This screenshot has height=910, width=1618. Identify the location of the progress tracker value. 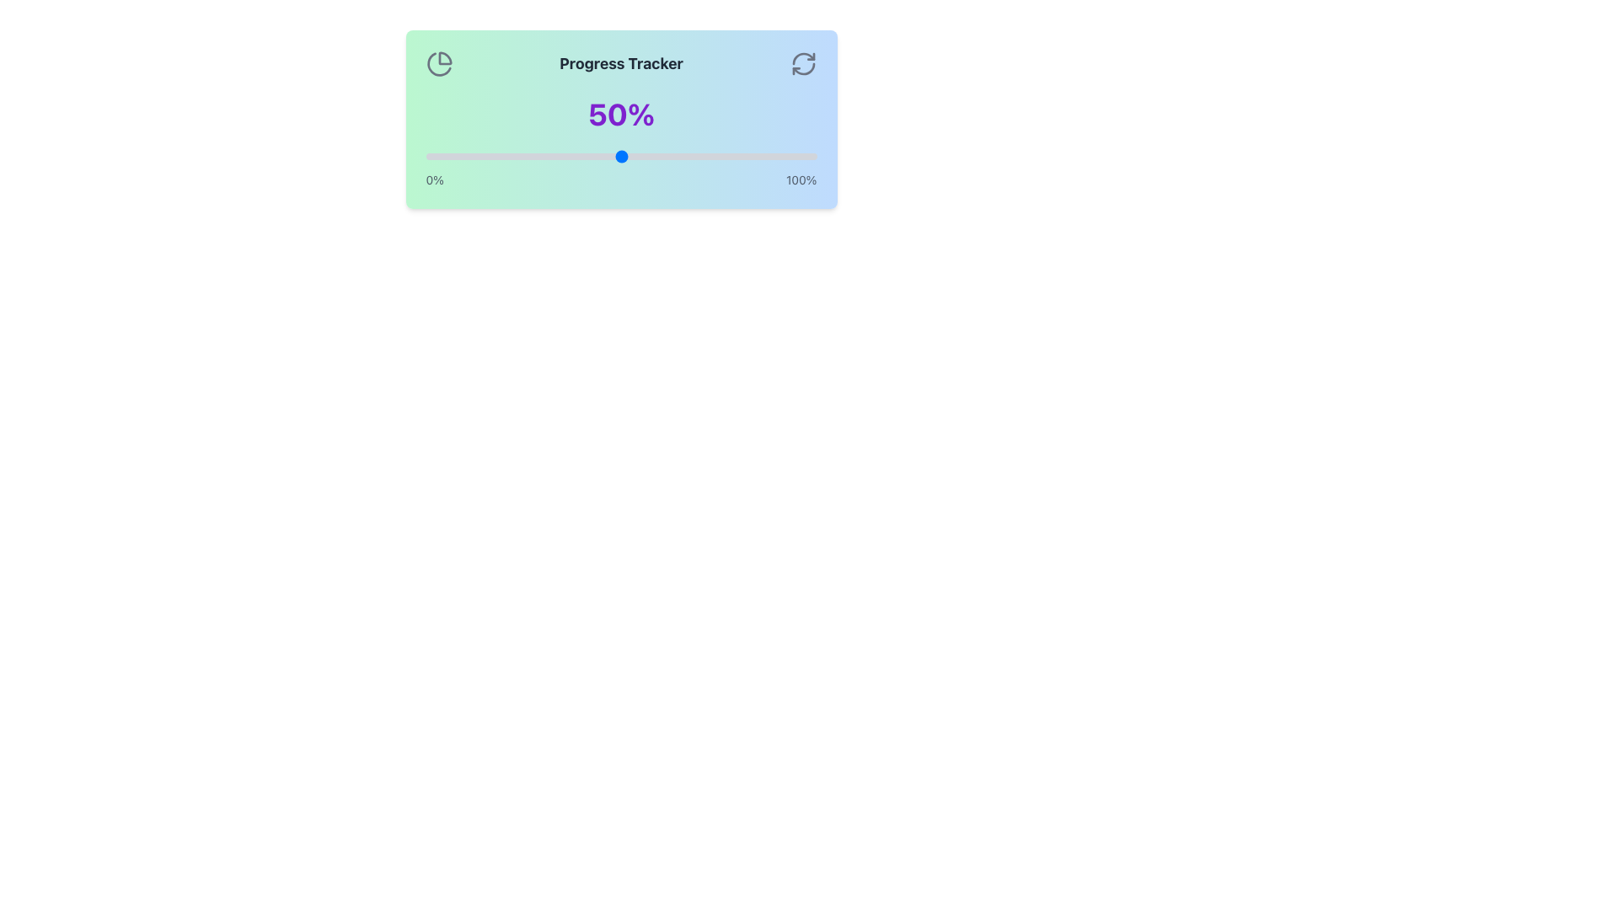
(792, 156).